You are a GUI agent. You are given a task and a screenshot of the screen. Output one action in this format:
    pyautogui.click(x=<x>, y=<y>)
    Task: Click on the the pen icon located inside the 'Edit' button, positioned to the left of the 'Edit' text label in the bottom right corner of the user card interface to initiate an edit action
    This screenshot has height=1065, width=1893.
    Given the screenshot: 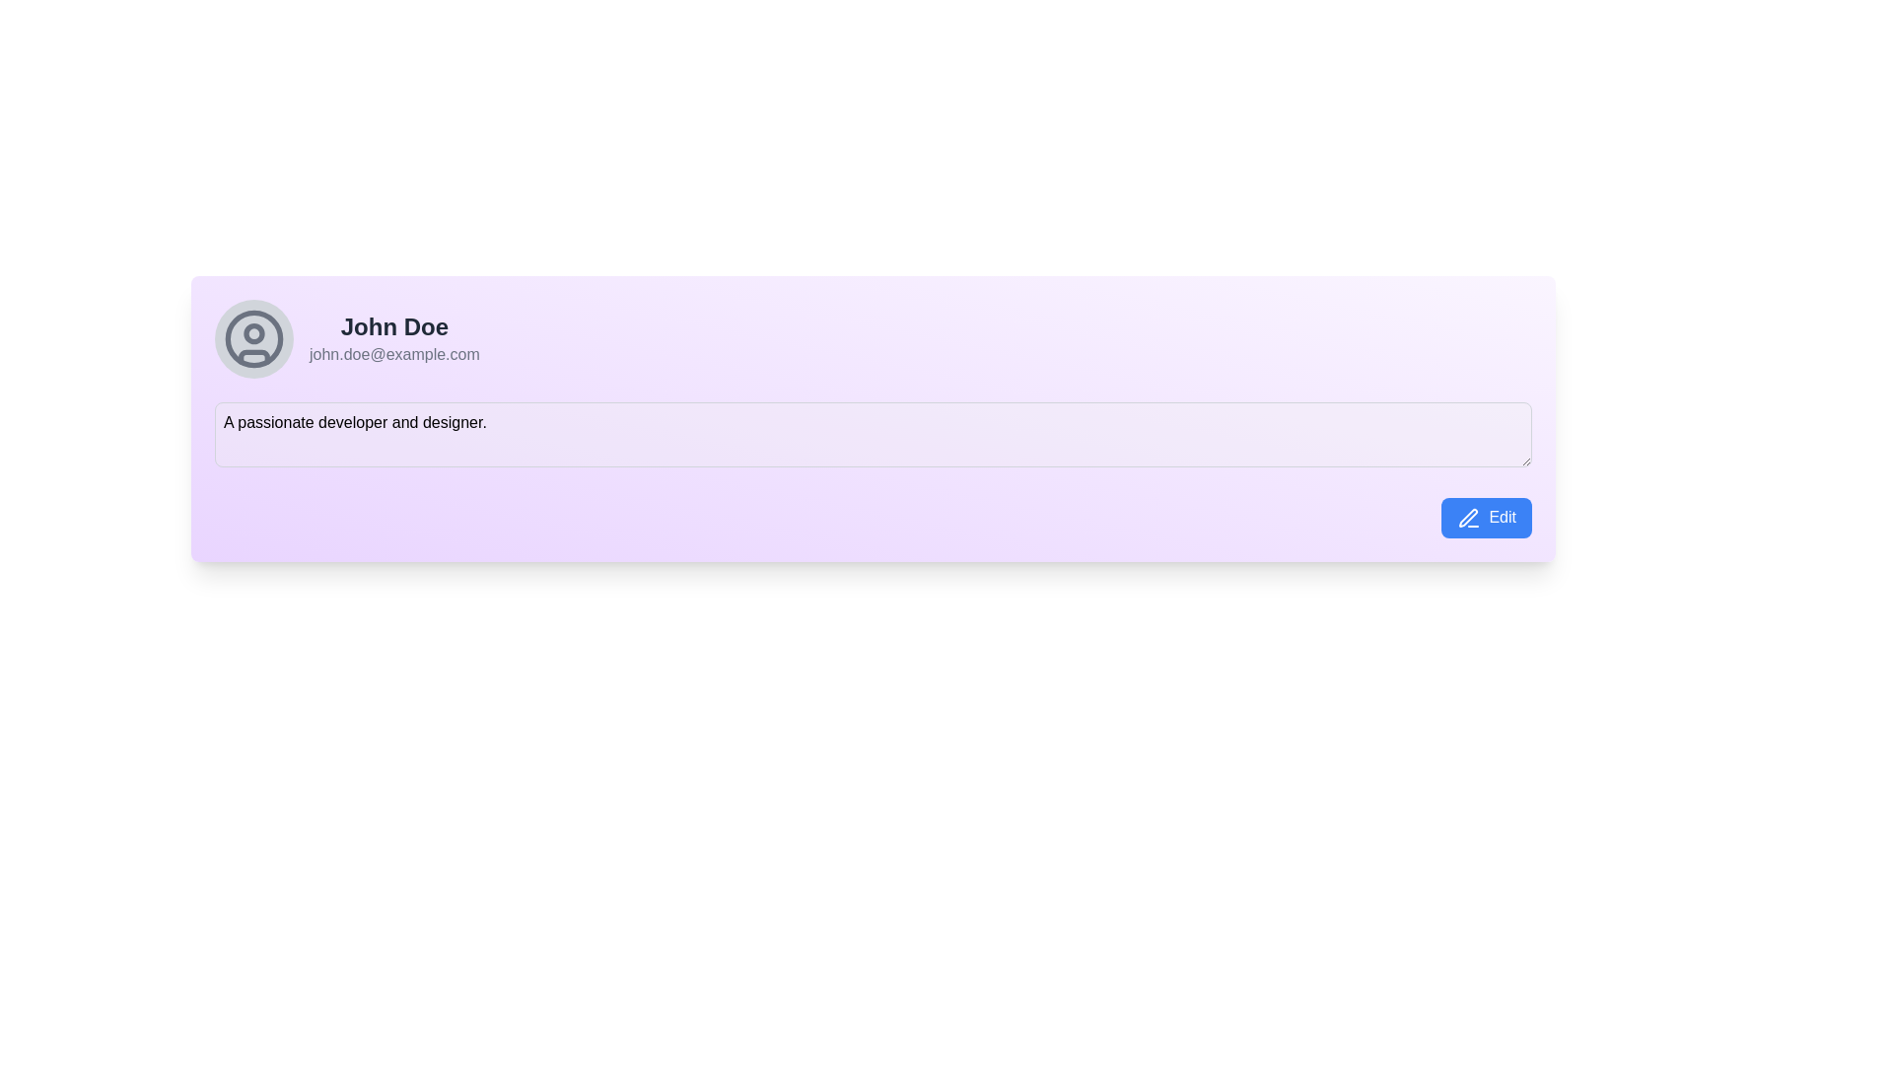 What is the action you would take?
    pyautogui.click(x=1469, y=517)
    